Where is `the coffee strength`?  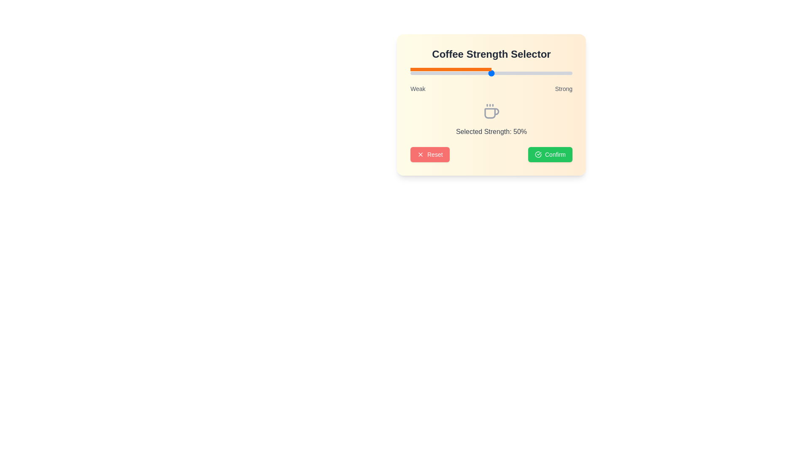
the coffee strength is located at coordinates (460, 72).